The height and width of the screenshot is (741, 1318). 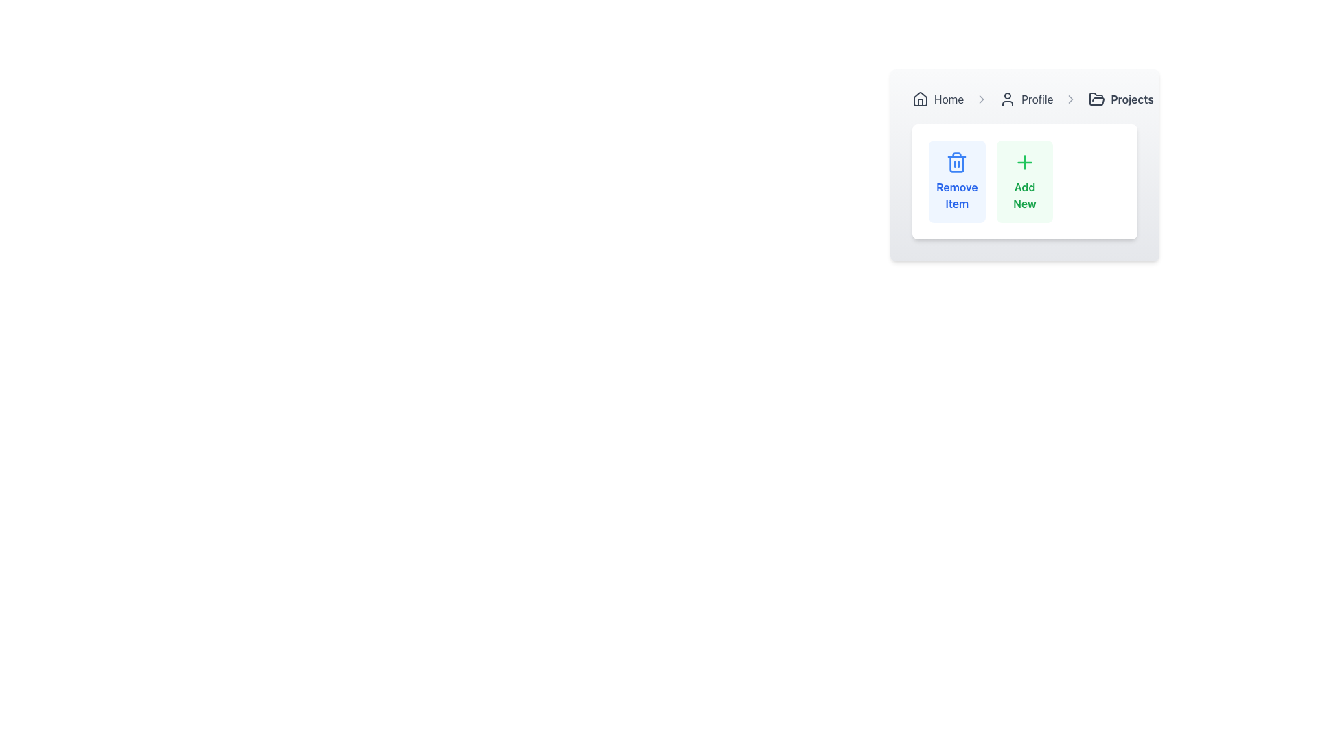 I want to click on the add new items button located within the light green card, so click(x=1024, y=196).